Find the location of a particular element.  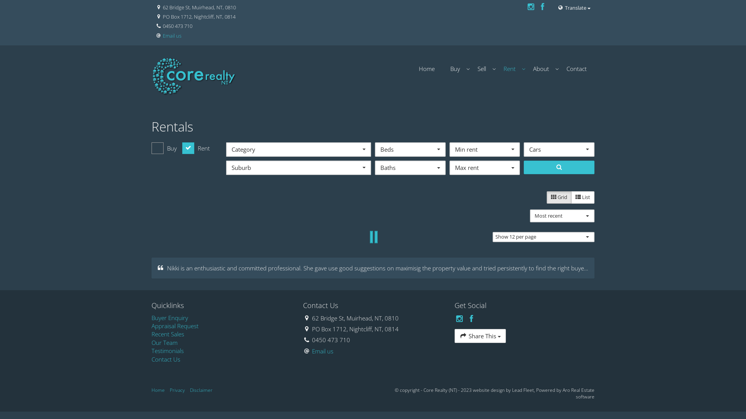

'Min rent is located at coordinates (449, 149).